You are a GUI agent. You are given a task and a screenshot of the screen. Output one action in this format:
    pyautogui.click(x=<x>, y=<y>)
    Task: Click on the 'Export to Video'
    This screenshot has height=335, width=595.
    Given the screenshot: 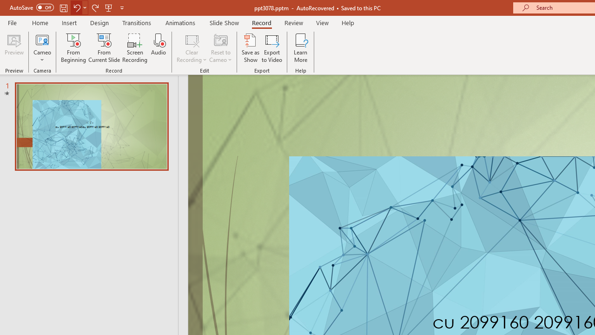 What is the action you would take?
    pyautogui.click(x=271, y=48)
    